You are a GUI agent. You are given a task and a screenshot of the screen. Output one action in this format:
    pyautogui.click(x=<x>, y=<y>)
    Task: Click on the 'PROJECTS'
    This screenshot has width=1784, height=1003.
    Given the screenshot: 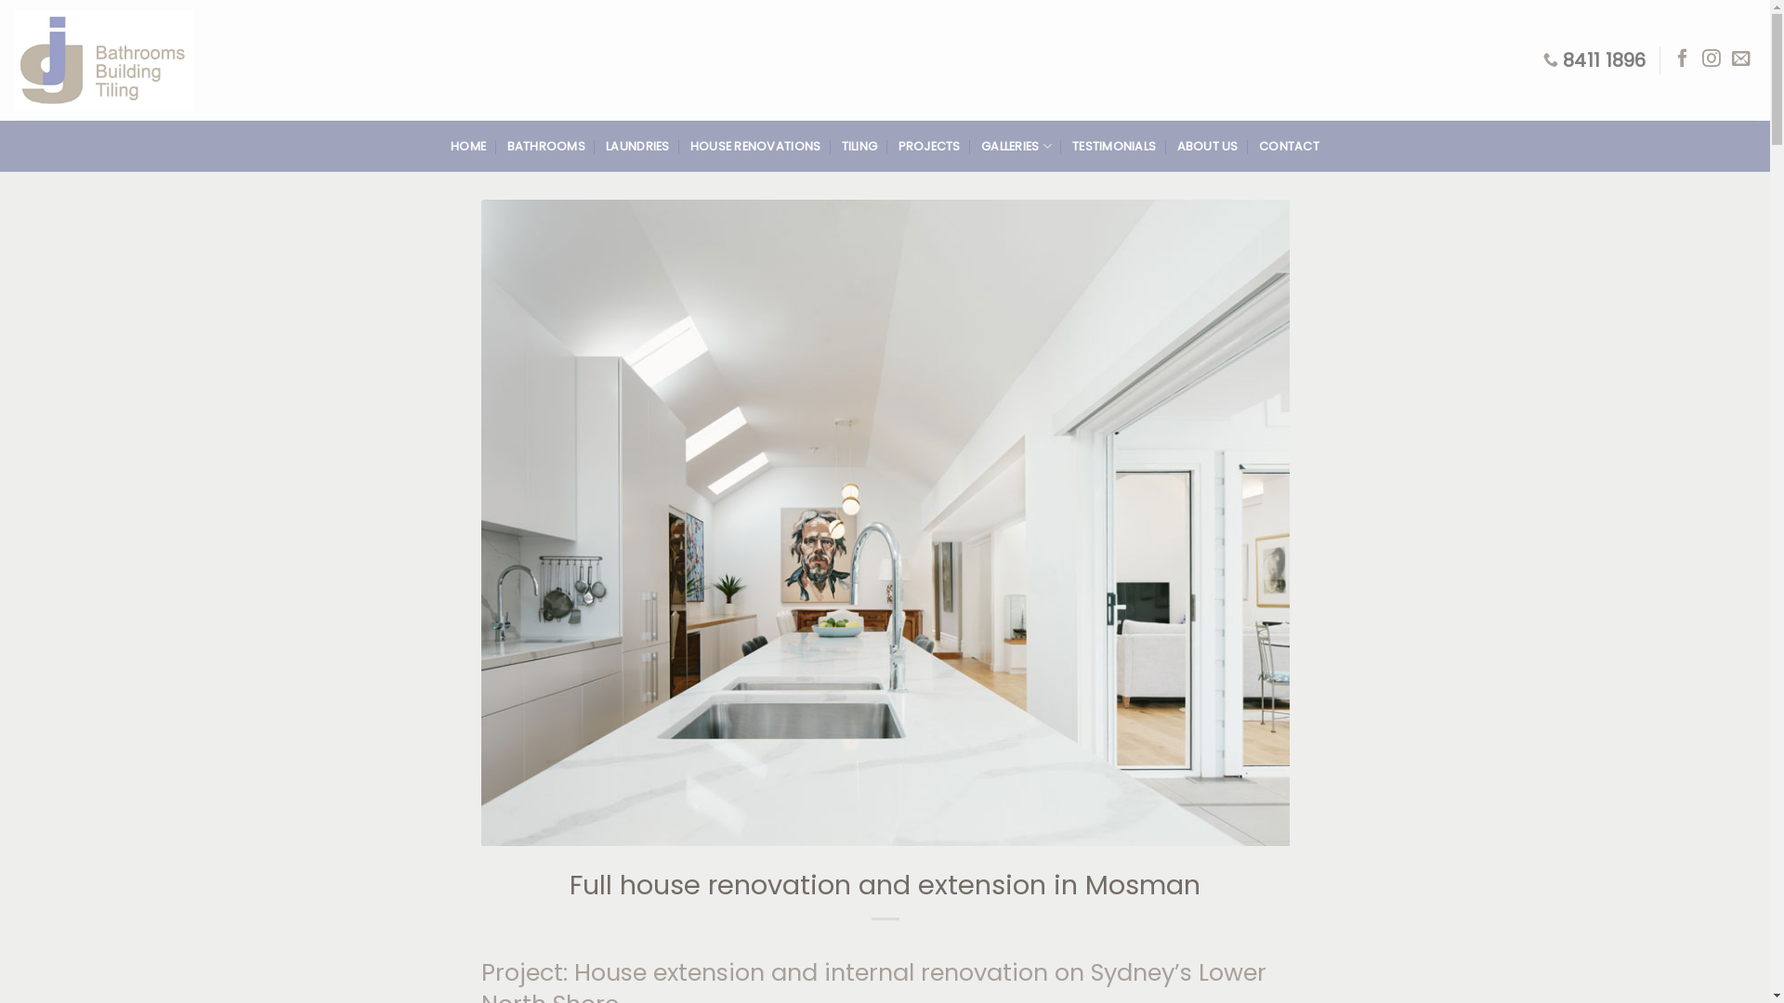 What is the action you would take?
    pyautogui.click(x=898, y=146)
    